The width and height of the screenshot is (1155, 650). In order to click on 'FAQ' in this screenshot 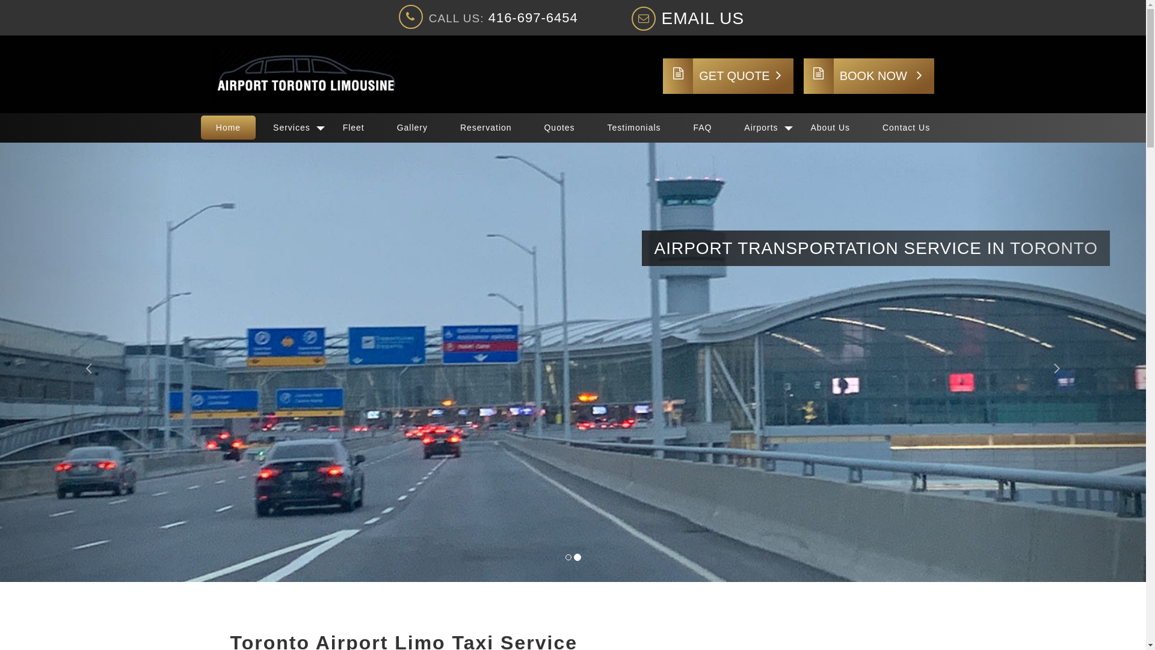, I will do `click(702, 128)`.